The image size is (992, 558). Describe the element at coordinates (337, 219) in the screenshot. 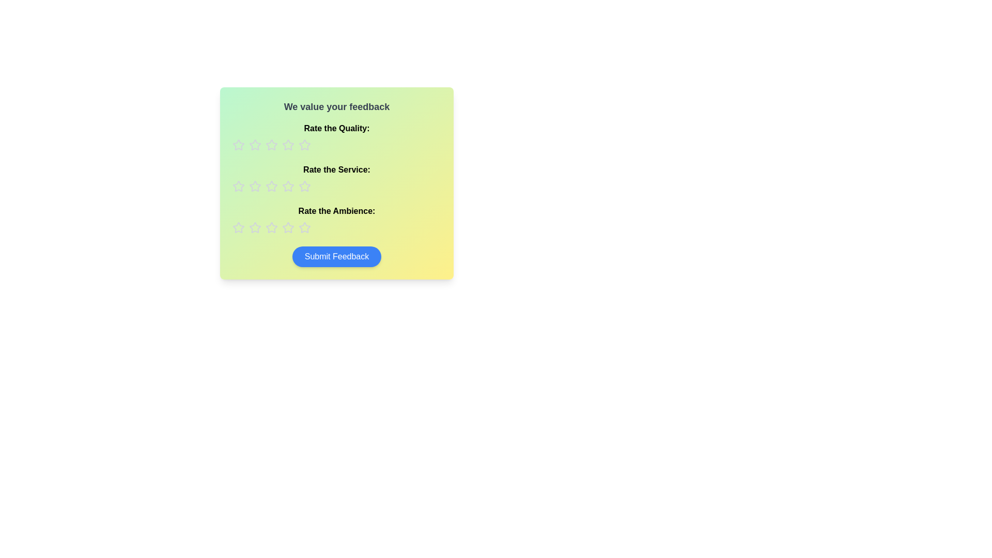

I see `the label indicating that the star rating system is for evaluating the ambiance, which is positioned below the 'Rate the Service:' label and above the star rating icons` at that location.